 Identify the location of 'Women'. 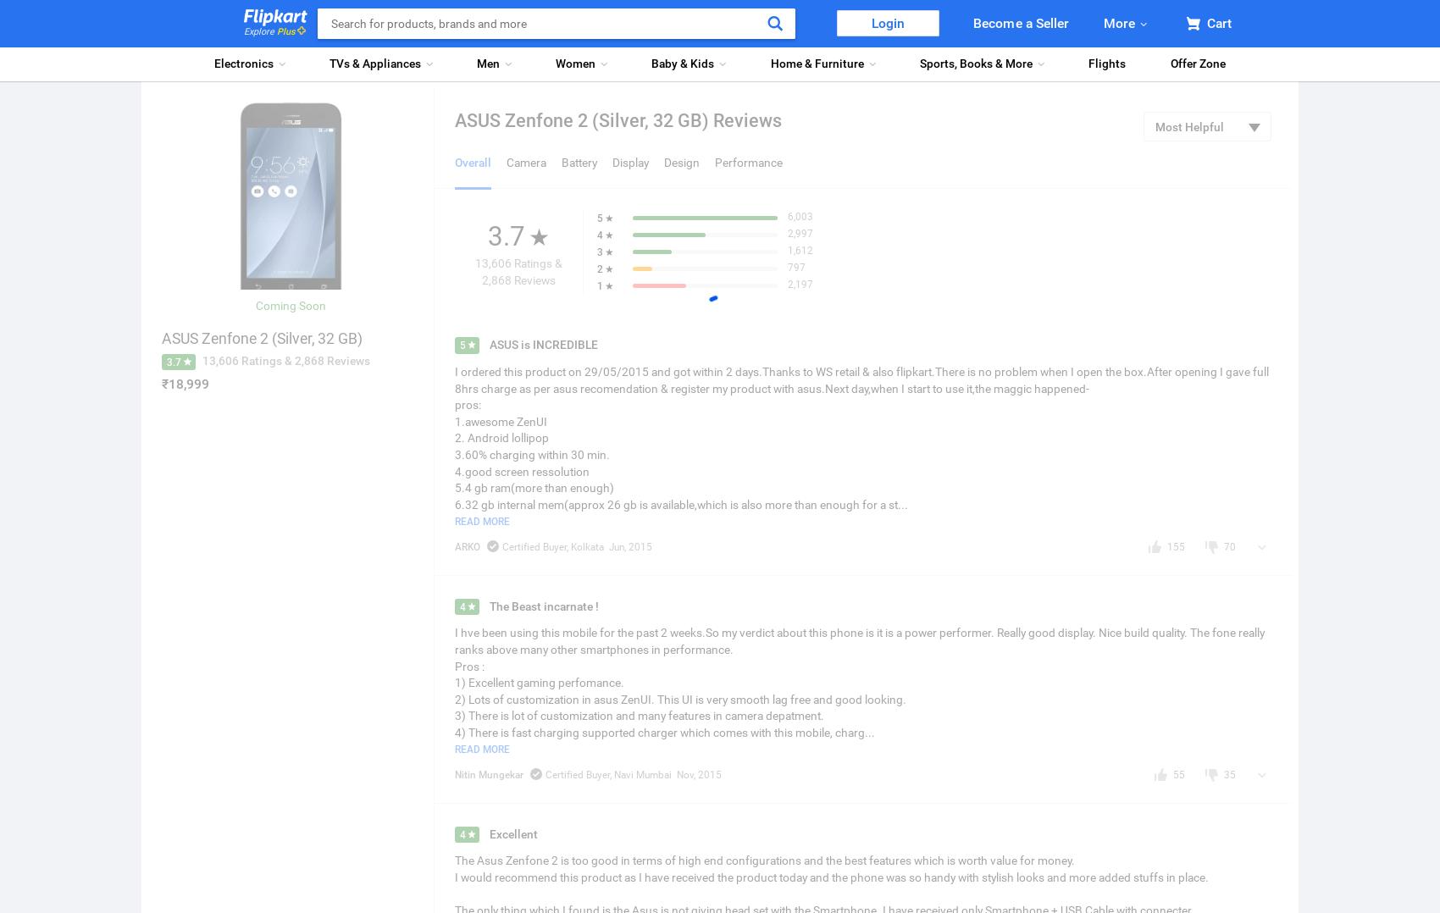
(575, 64).